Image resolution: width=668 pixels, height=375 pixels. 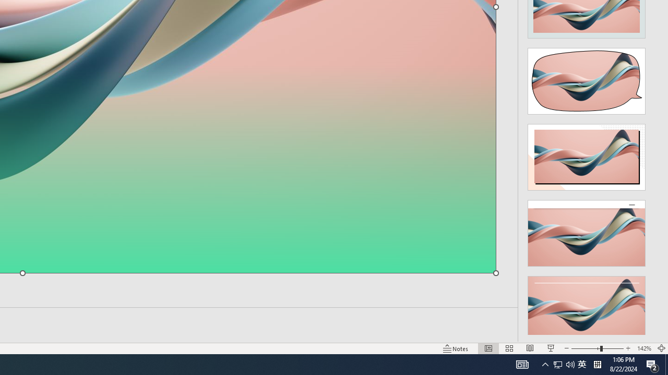 What do you see at coordinates (643, 348) in the screenshot?
I see `'Zoom 142%'` at bounding box center [643, 348].